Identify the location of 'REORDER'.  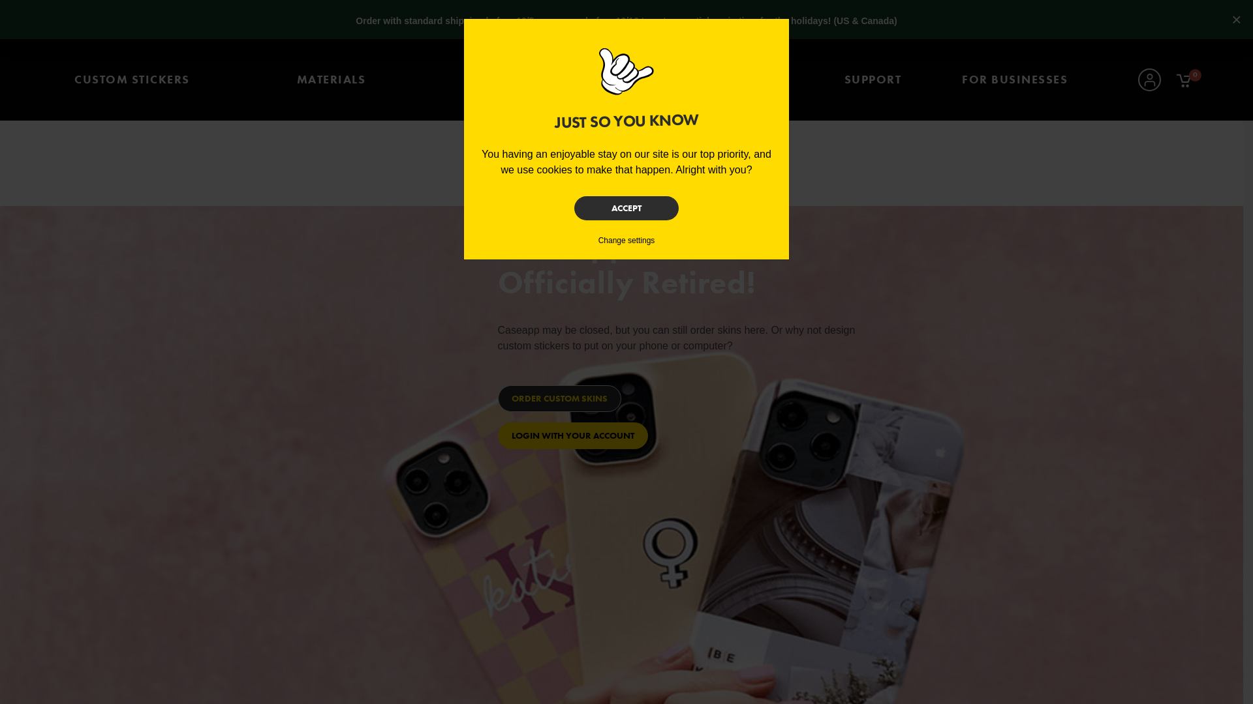
(472, 80).